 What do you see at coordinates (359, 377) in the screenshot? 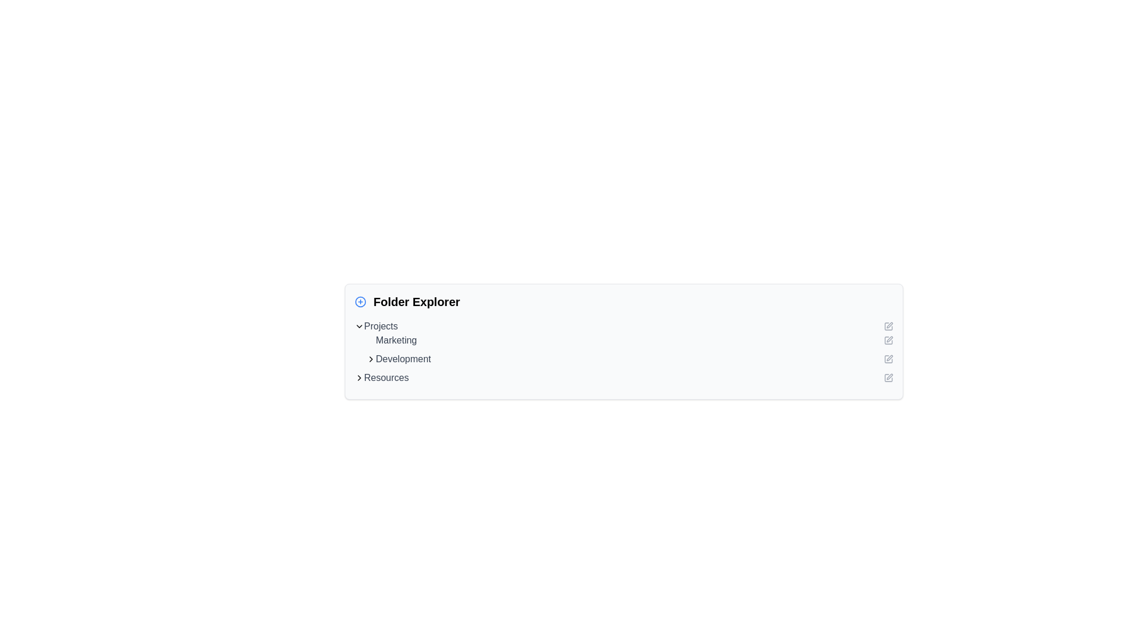
I see `the Chevron navigation icon located to the left of the 'Resources' label` at bounding box center [359, 377].